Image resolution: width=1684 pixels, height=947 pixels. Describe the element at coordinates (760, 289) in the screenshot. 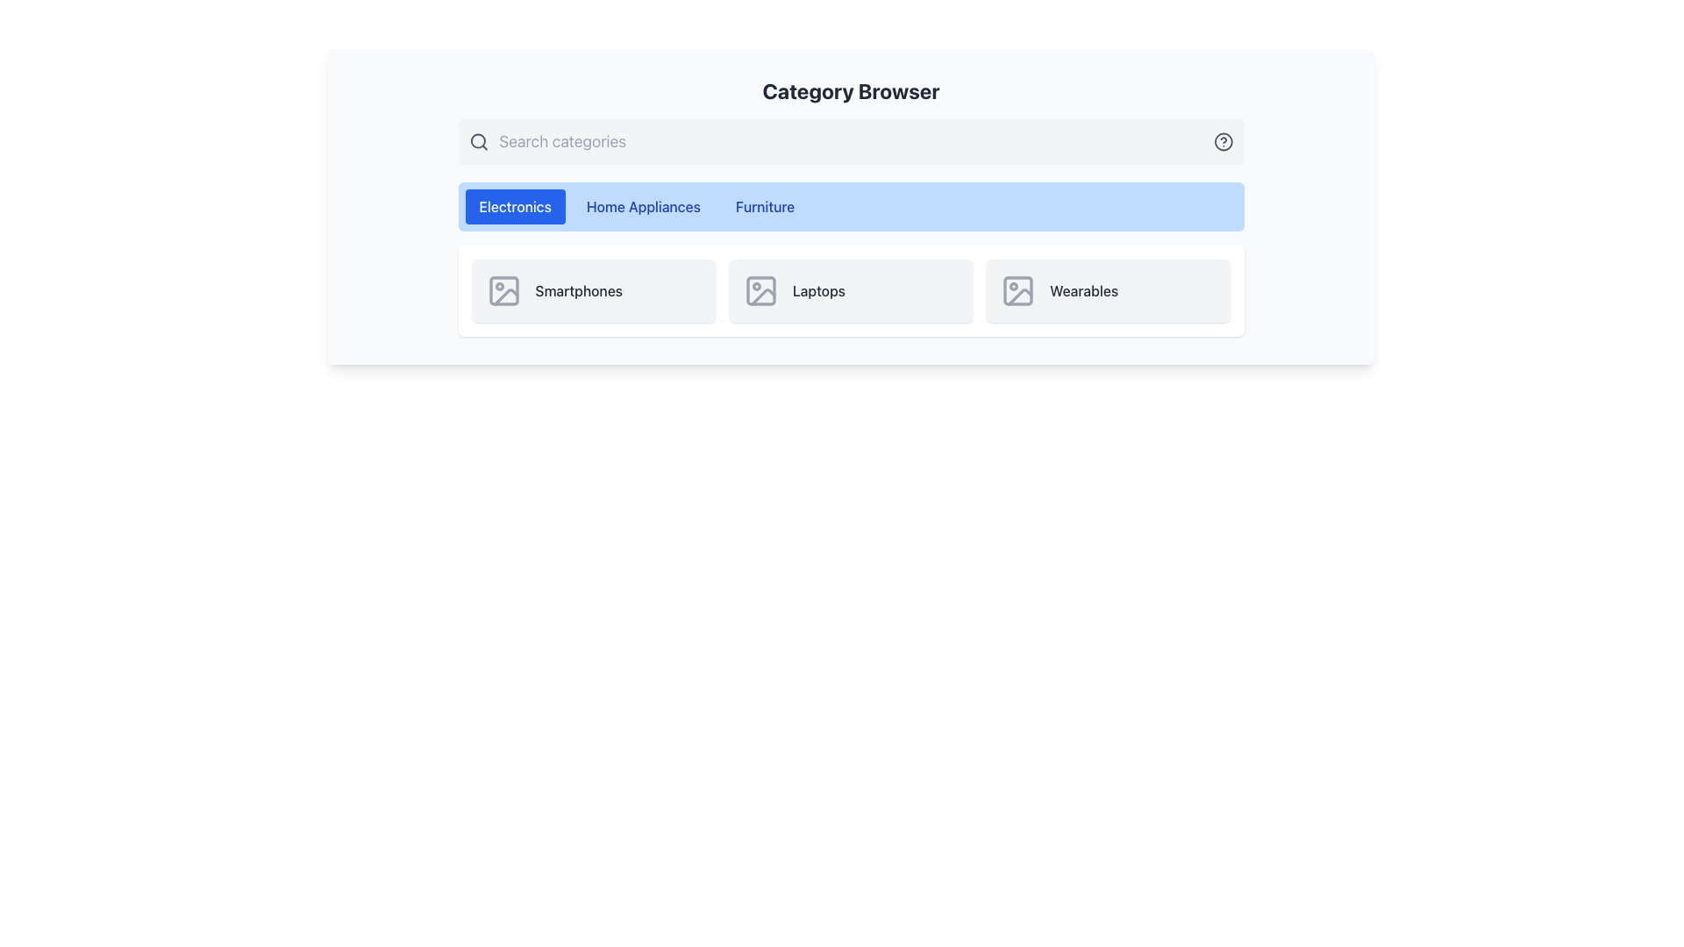

I see `the visual representation of the gray icon styled as an image placeholder, located at the top-left corner of the 'Laptops' category card` at that location.